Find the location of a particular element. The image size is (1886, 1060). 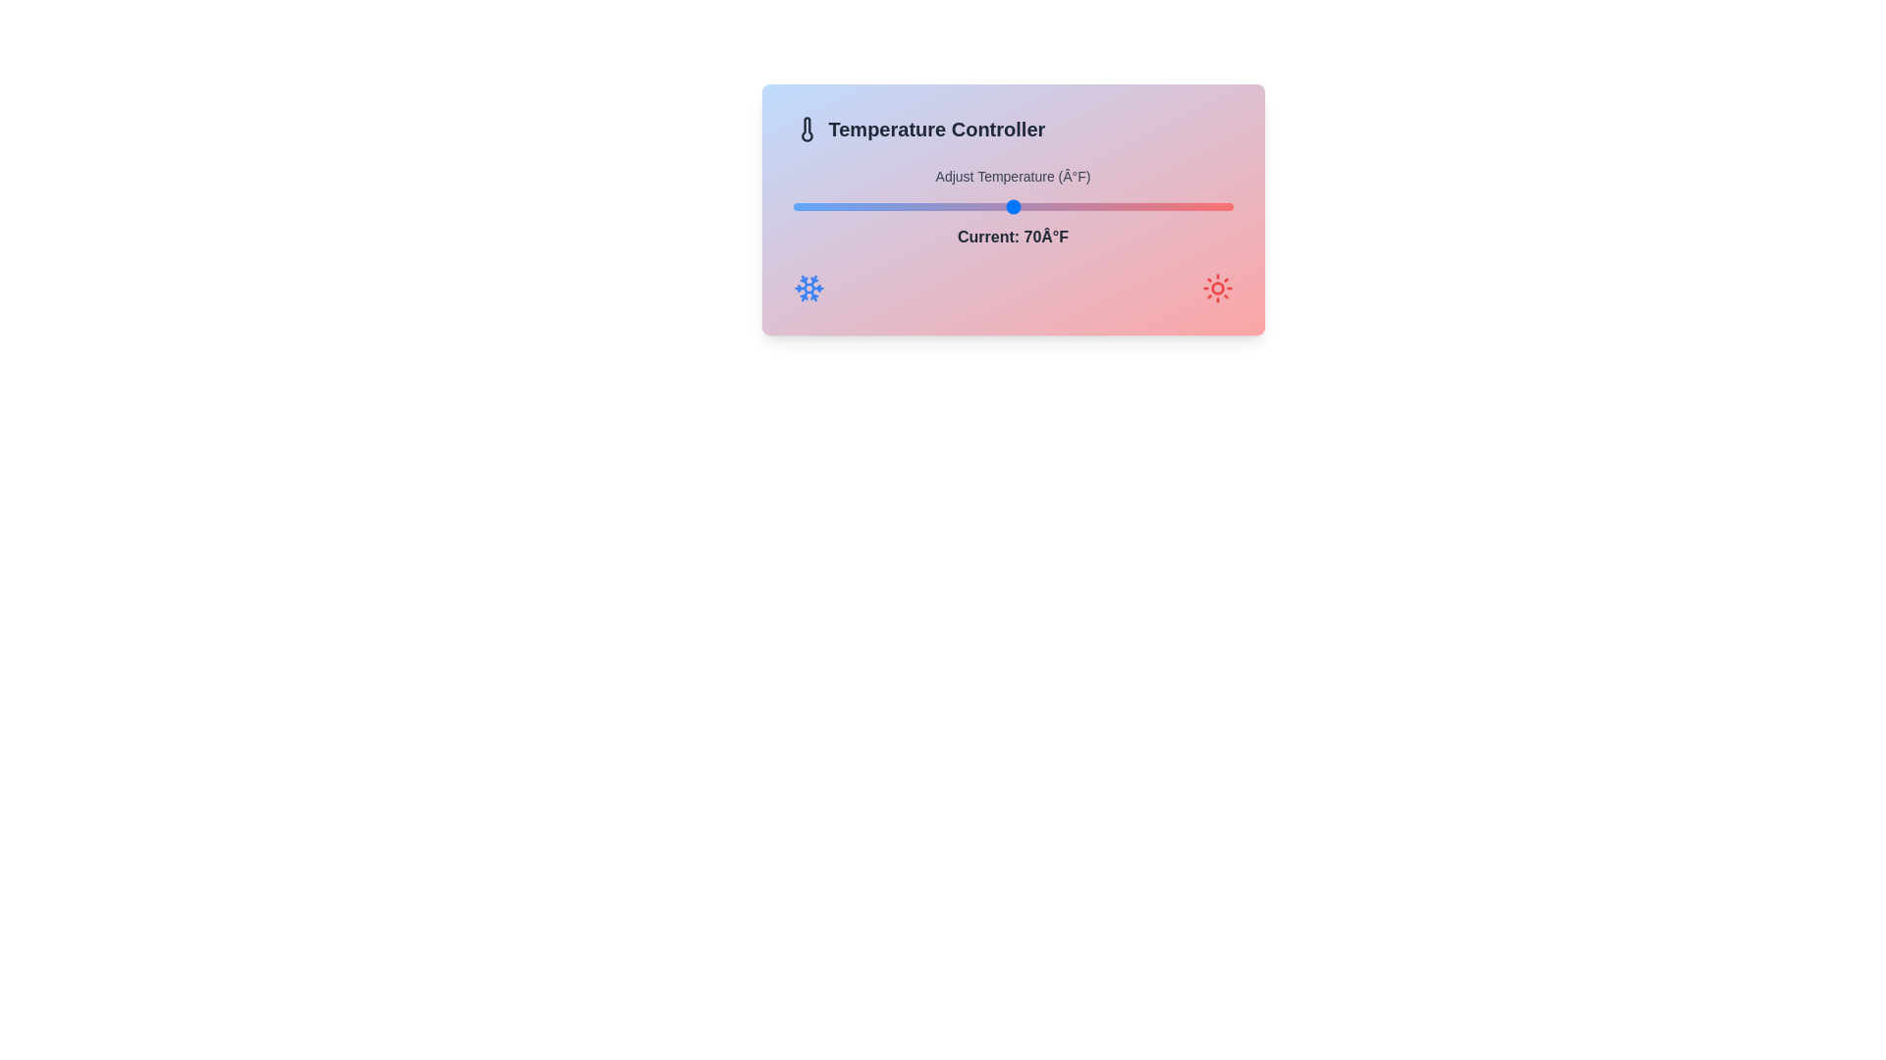

the temperature to 77 degrees Fahrenheit using the slider is located at coordinates (1088, 207).